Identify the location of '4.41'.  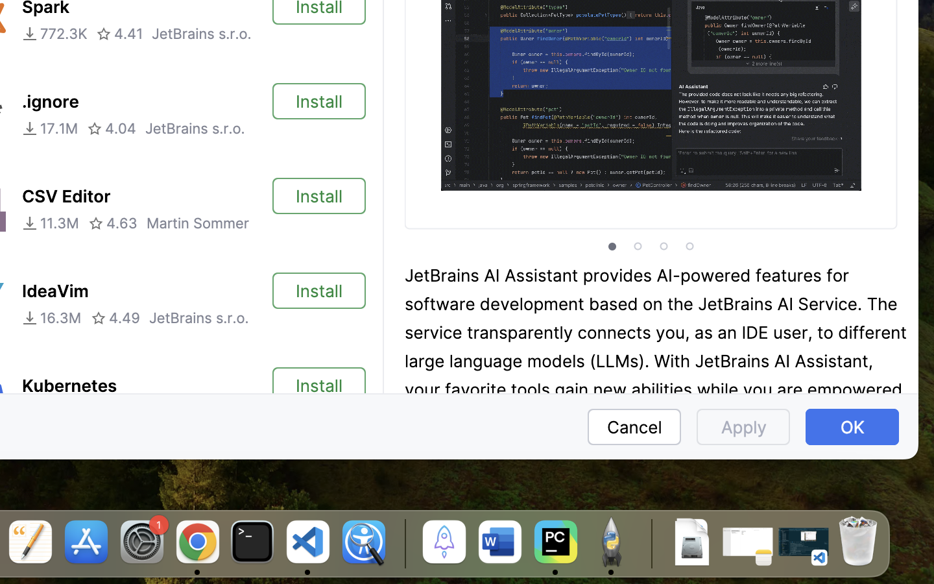
(119, 33).